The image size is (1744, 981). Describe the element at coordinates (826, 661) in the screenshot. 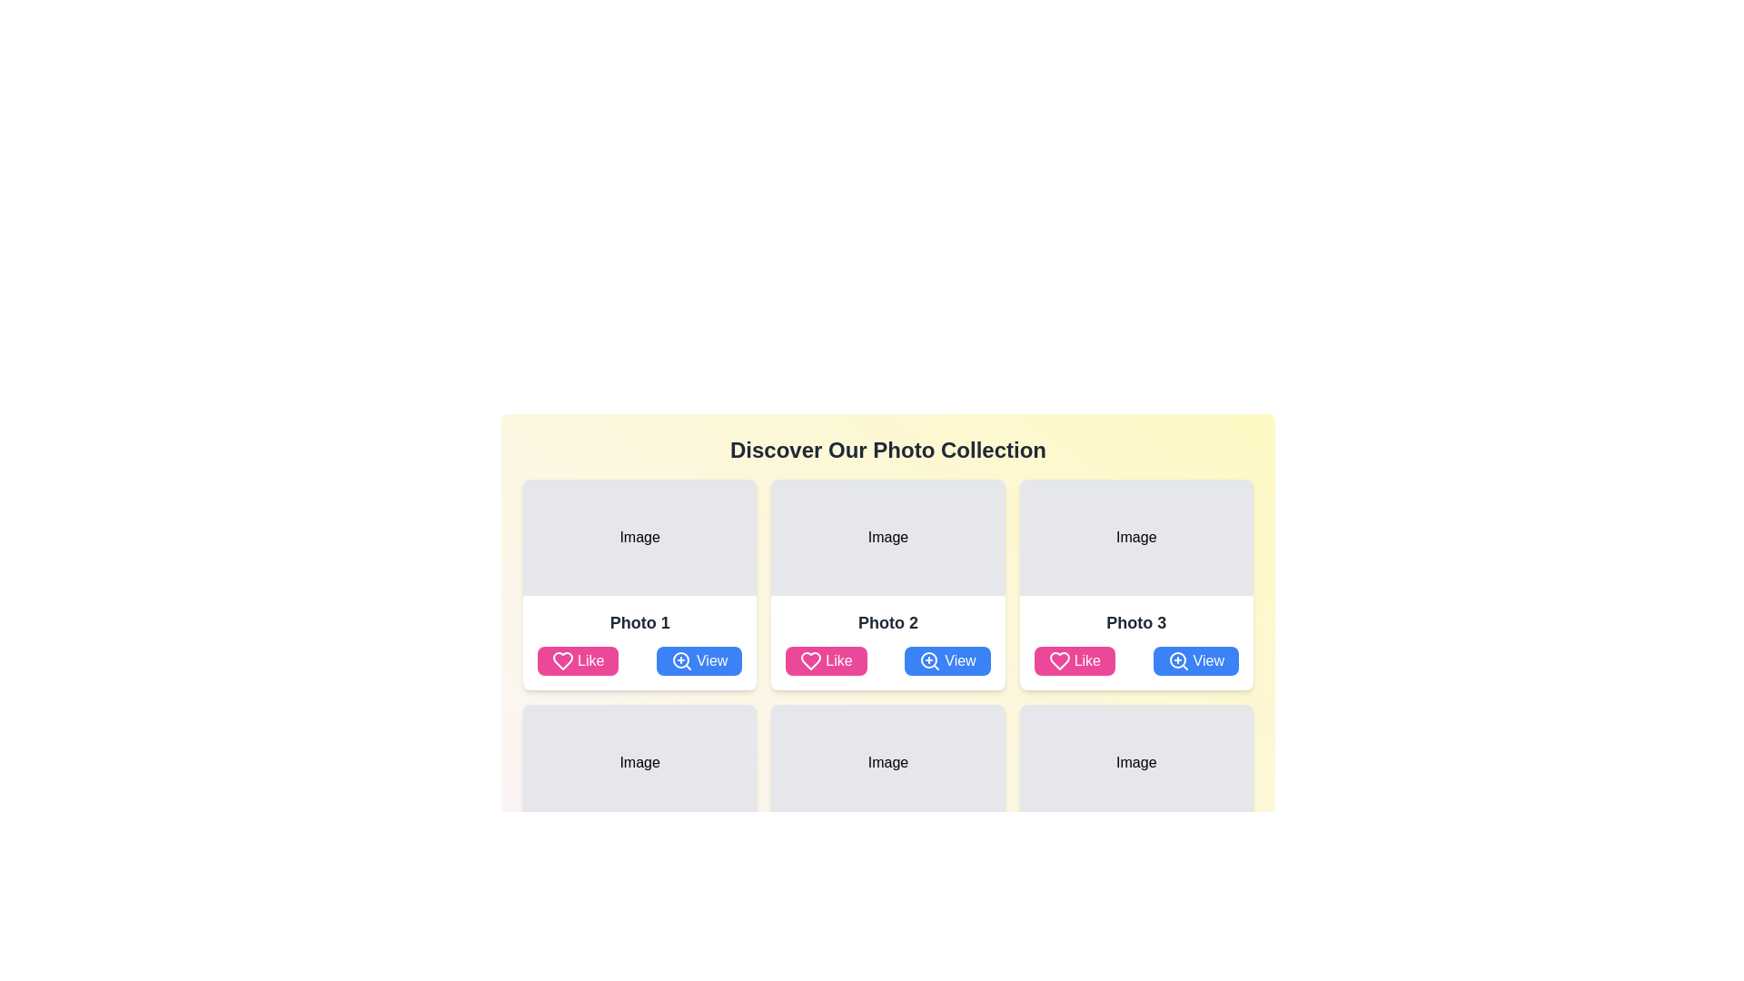

I see `the 'Like' button with a pink background and a white heart icon, located under 'Photo 2' in the grid layout` at that location.